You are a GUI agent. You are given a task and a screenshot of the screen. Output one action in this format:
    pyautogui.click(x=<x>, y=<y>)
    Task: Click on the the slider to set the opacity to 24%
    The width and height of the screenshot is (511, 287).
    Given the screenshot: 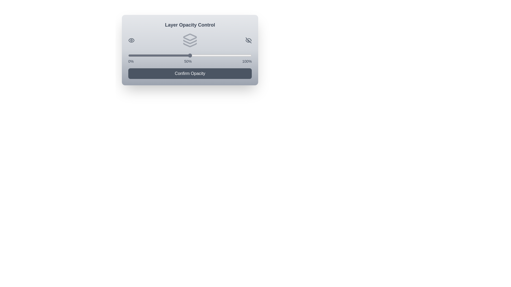 What is the action you would take?
    pyautogui.click(x=158, y=55)
    